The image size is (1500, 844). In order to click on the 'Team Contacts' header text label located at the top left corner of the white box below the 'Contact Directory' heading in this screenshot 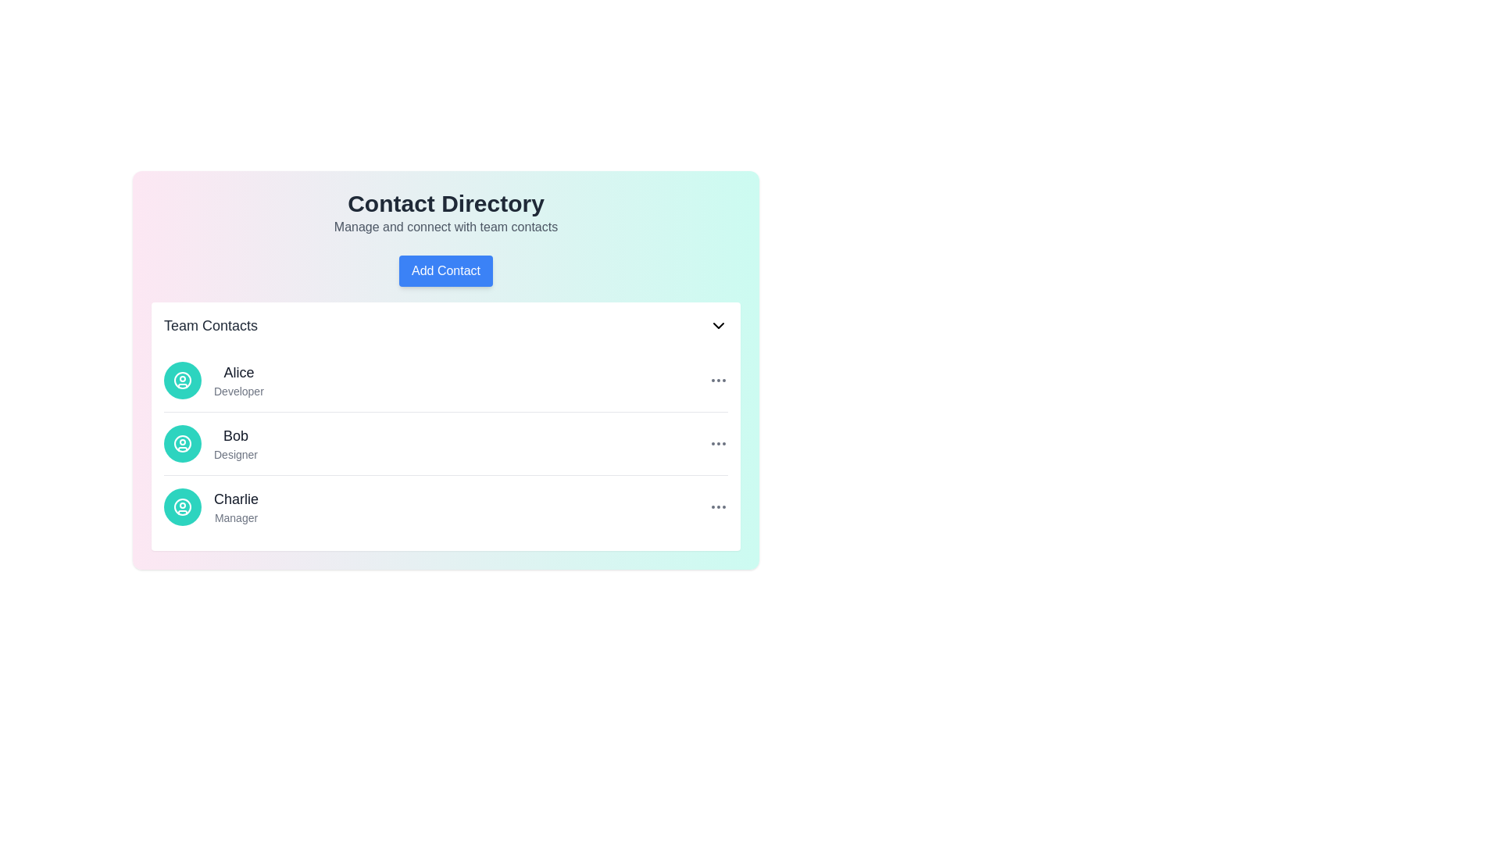, I will do `click(209, 324)`.